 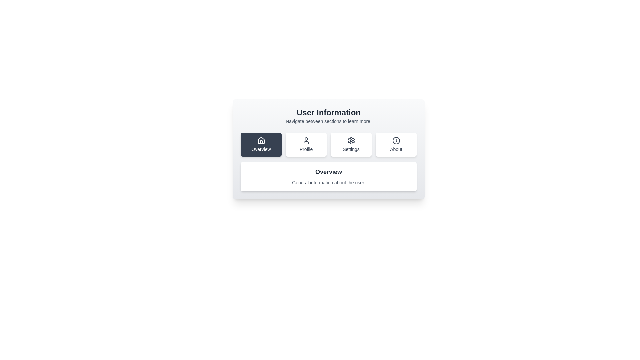 I want to click on the 'Settings' text label, which is displayed in a small, bold font beneath the settings icon in the third button from the left in the second row of the interface, so click(x=351, y=149).